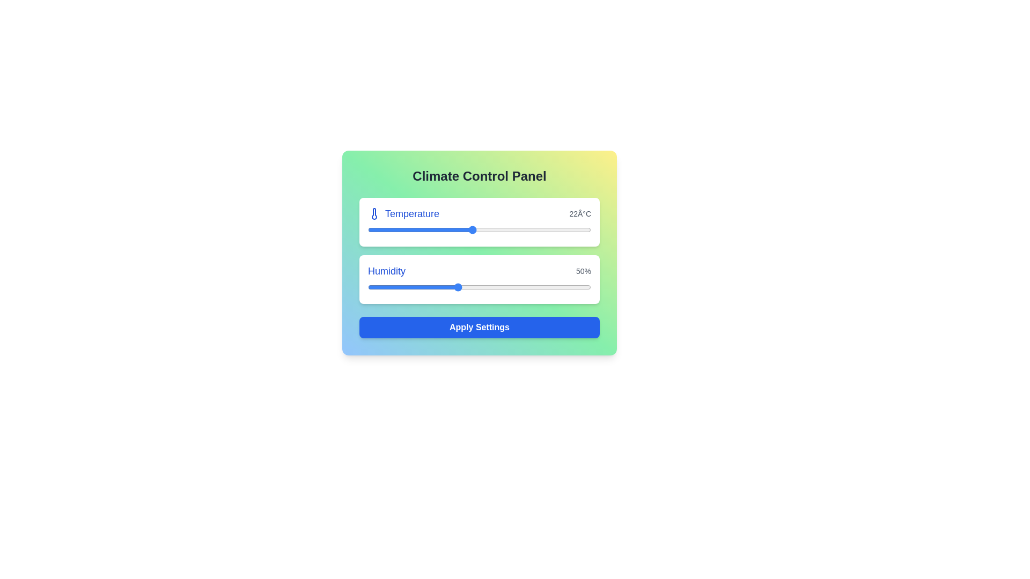 The image size is (1030, 579). I want to click on the temperature, so click(368, 229).